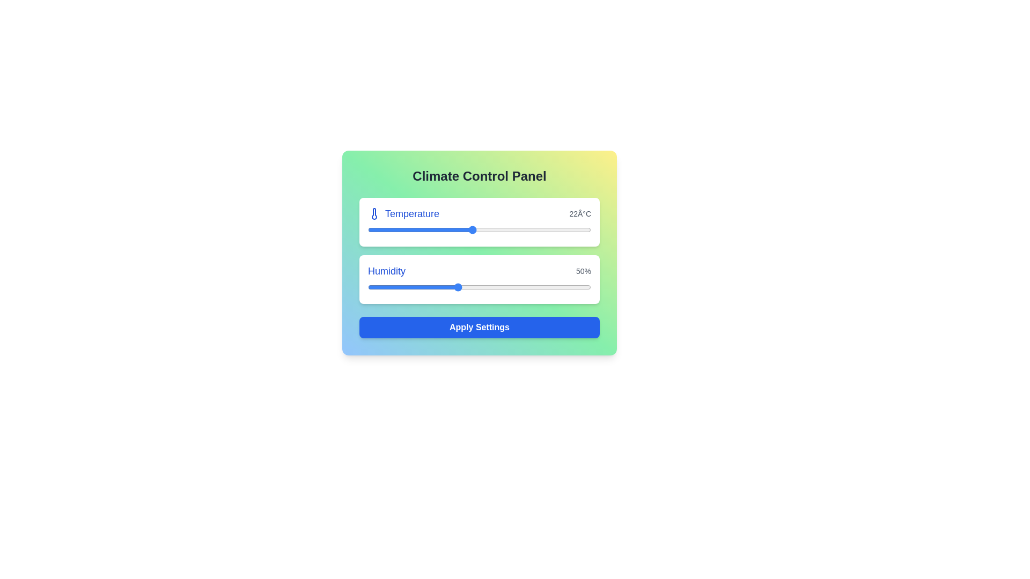 The image size is (1030, 579). I want to click on the temperature, so click(368, 229).